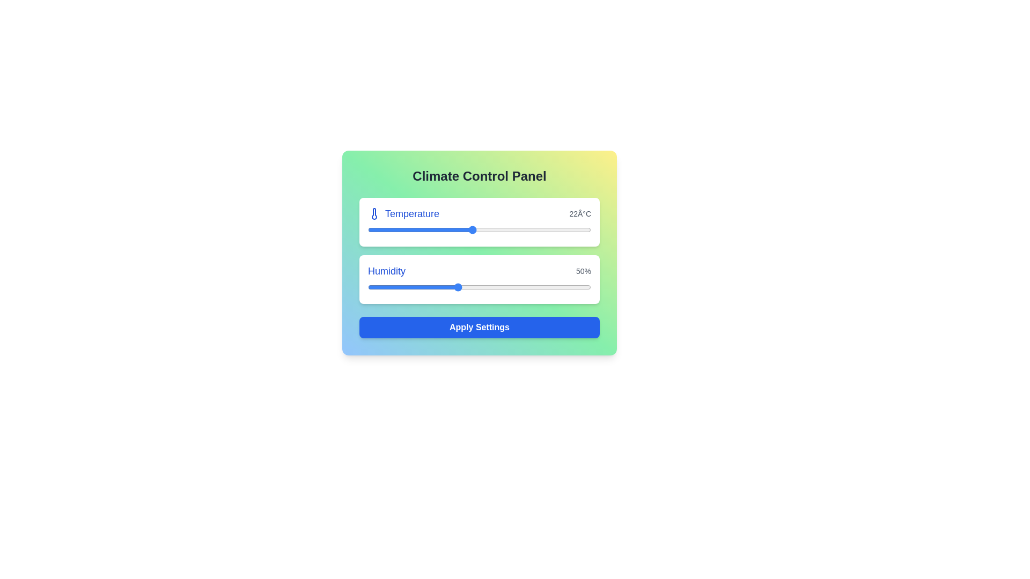 The image size is (1030, 579). I want to click on the temperature, so click(368, 229).